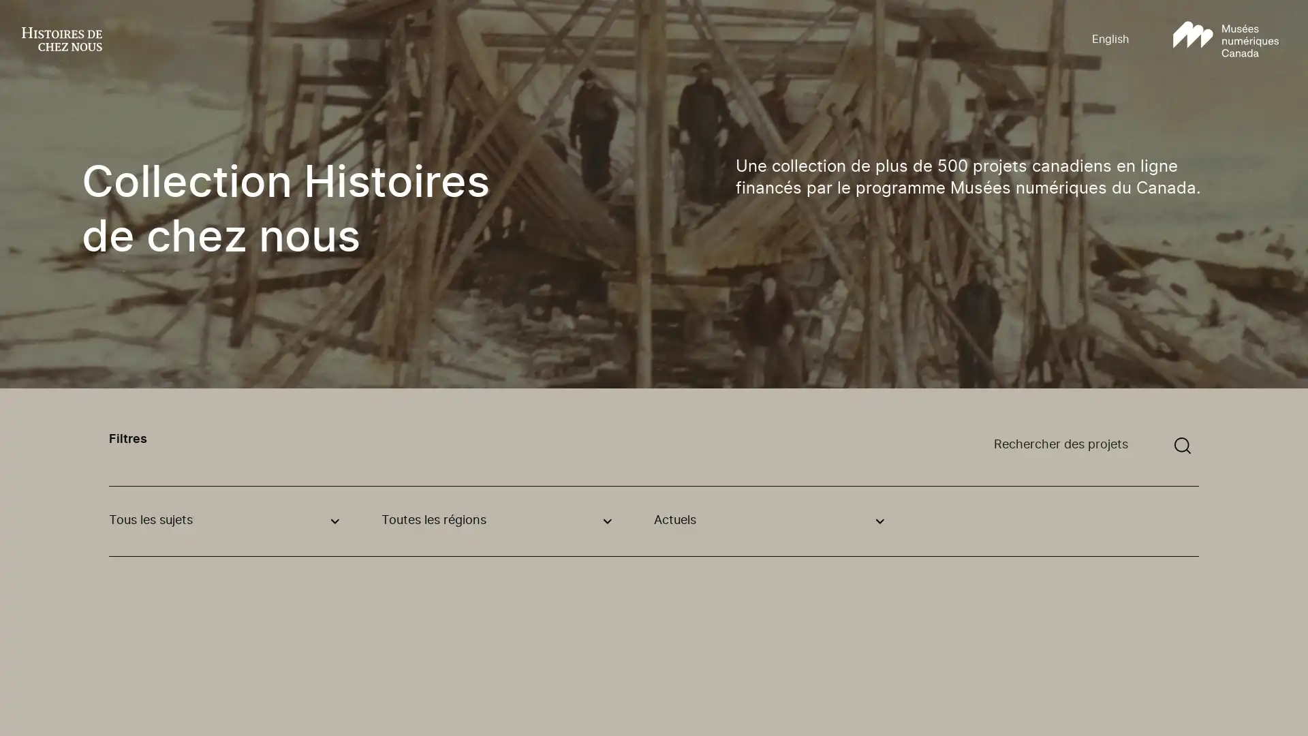 Image resolution: width=1308 pixels, height=736 pixels. What do you see at coordinates (1182, 446) in the screenshot?
I see `Soumettre` at bounding box center [1182, 446].